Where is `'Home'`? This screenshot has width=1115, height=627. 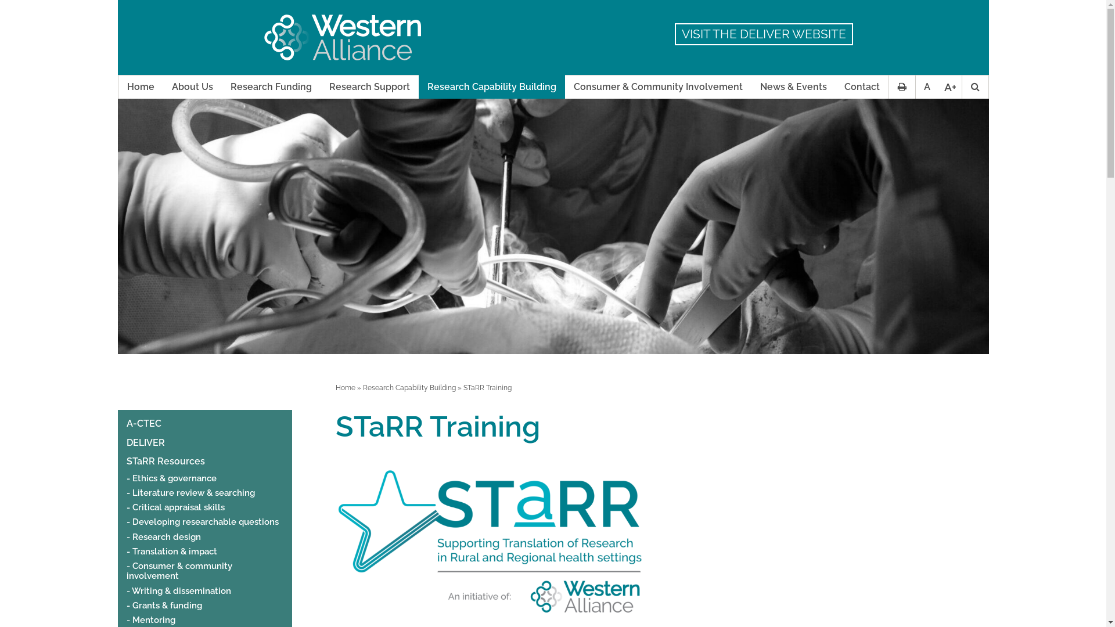 'Home' is located at coordinates (140, 87).